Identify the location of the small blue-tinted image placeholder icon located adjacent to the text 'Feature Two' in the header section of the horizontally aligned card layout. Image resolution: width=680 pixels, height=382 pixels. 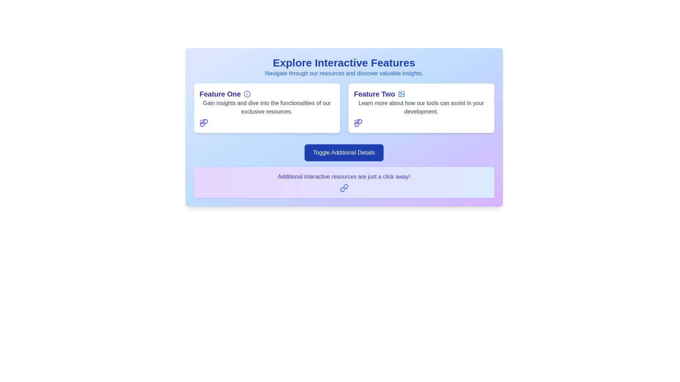
(401, 94).